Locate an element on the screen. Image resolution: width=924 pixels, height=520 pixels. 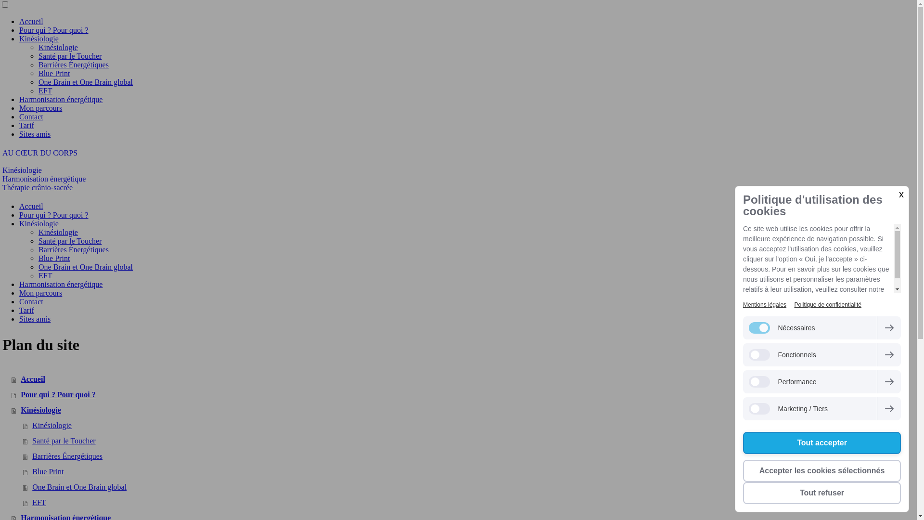
'One Brain et One Brain global' is located at coordinates (38, 81).